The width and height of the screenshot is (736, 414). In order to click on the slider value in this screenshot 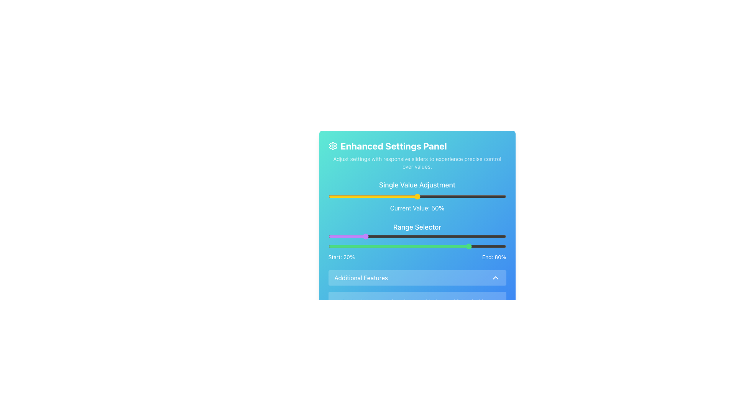, I will do `click(435, 196)`.